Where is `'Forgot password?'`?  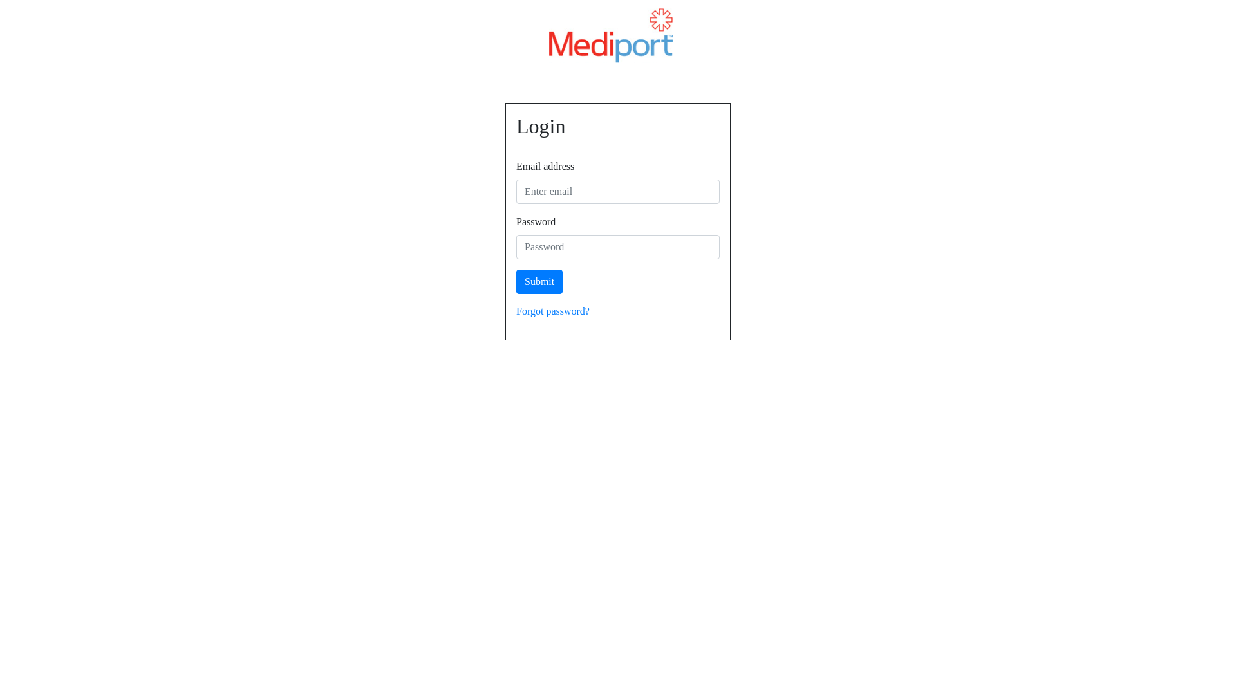
'Forgot password?' is located at coordinates (516, 311).